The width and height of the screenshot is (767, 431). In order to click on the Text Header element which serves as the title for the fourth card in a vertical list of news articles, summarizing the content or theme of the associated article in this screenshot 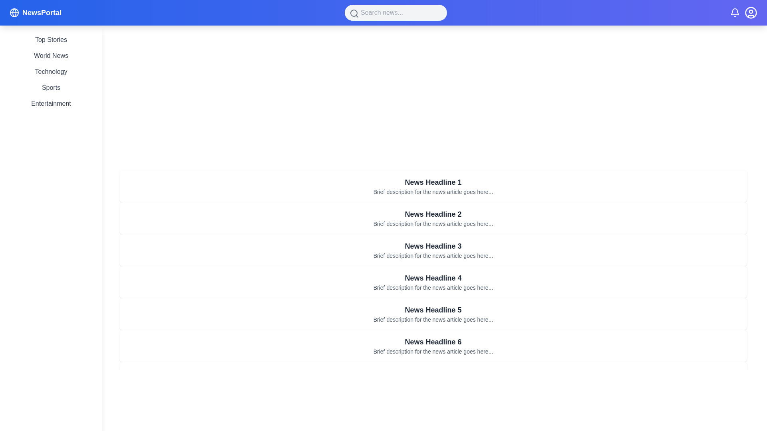, I will do `click(433, 278)`.